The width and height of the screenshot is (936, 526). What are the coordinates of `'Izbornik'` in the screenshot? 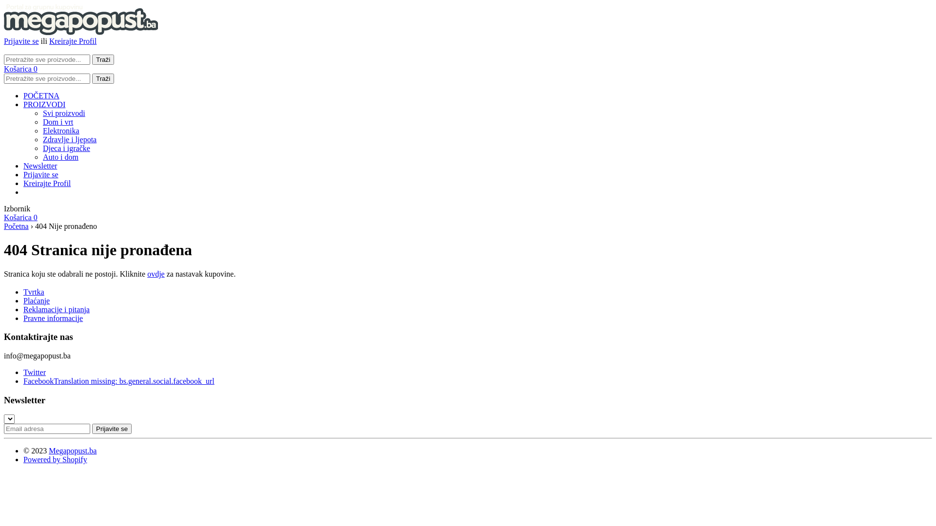 It's located at (17, 208).